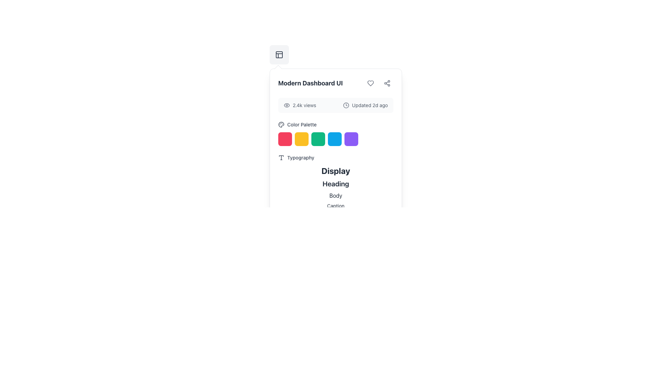  Describe the element at coordinates (387, 83) in the screenshot. I see `the second interactive button at the top-right of the card-like UI component` at that location.